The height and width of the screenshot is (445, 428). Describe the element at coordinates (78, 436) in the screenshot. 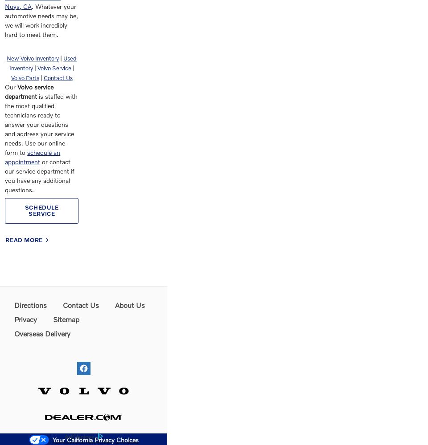

I see `'AdChoices'` at that location.